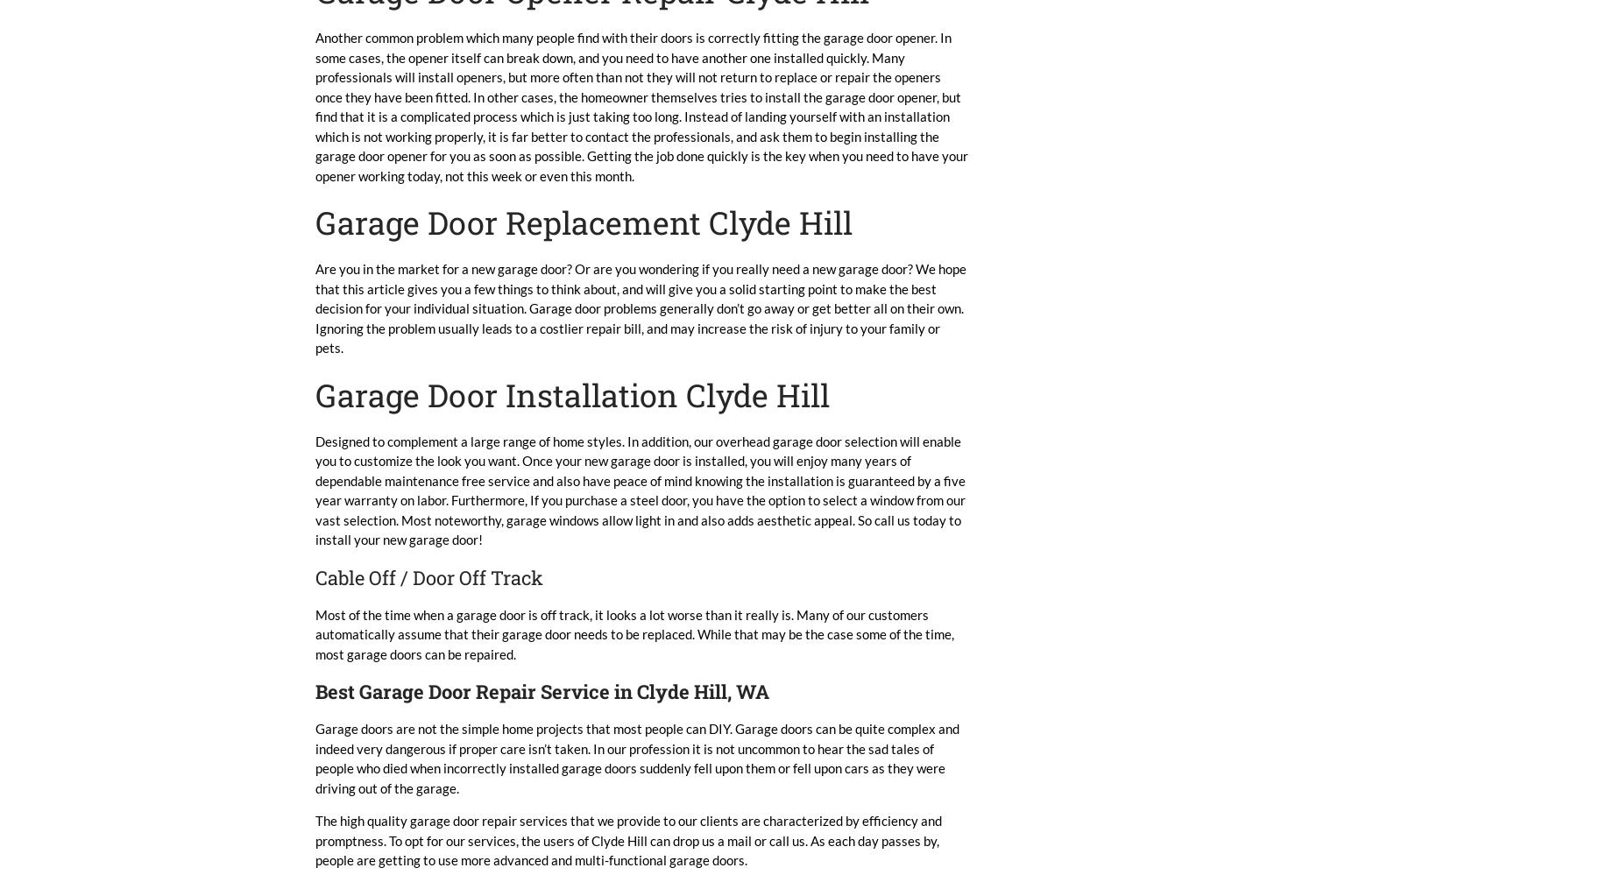 The height and width of the screenshot is (882, 1621). Describe the element at coordinates (315, 222) in the screenshot. I see `'Garage Door Replacement Clyde Hill'` at that location.